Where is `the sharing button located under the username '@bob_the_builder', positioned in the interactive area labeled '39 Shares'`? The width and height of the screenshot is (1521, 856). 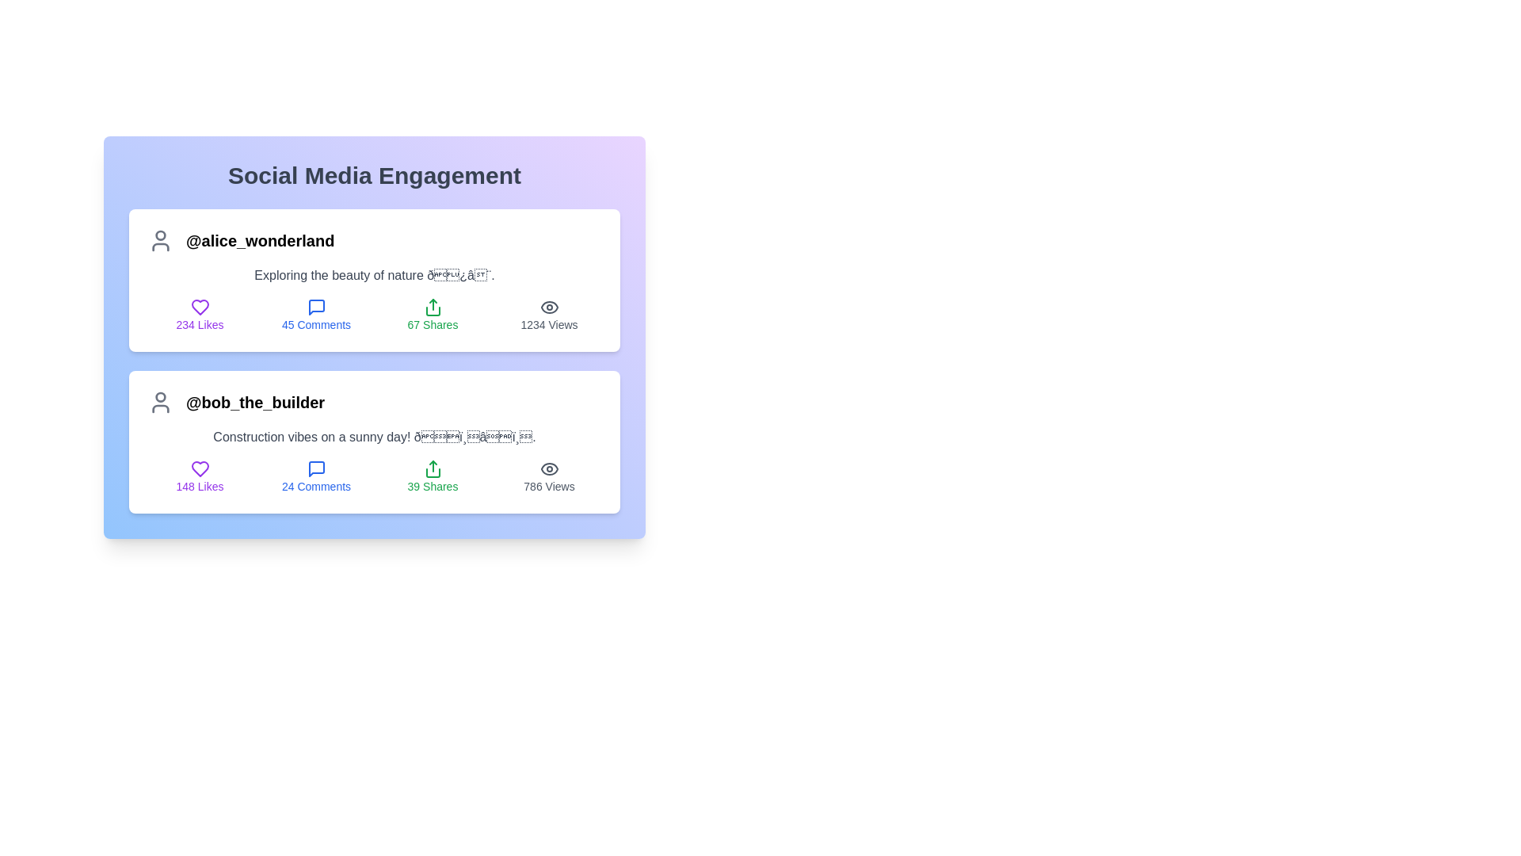 the sharing button located under the username '@bob_the_builder', positioned in the interactive area labeled '39 Shares' is located at coordinates (433, 468).